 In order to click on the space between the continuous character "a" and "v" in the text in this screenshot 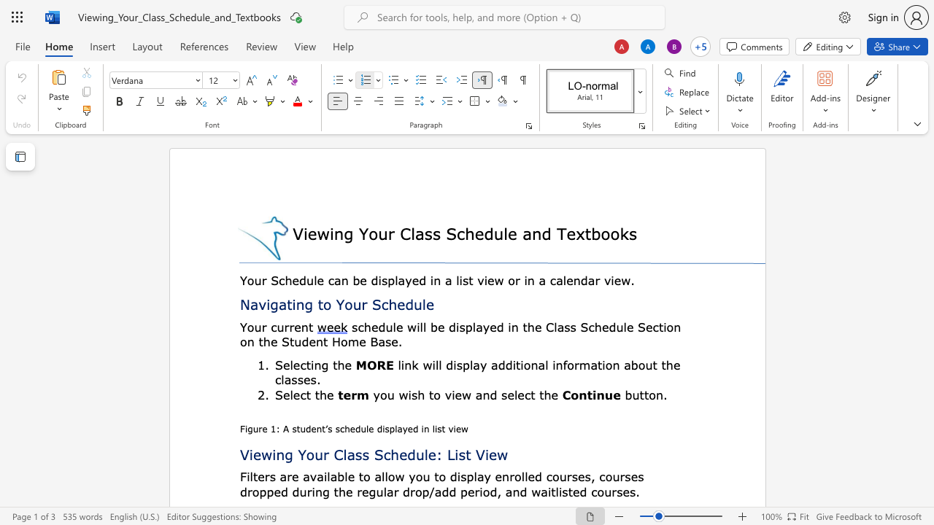, I will do `click(258, 303)`.